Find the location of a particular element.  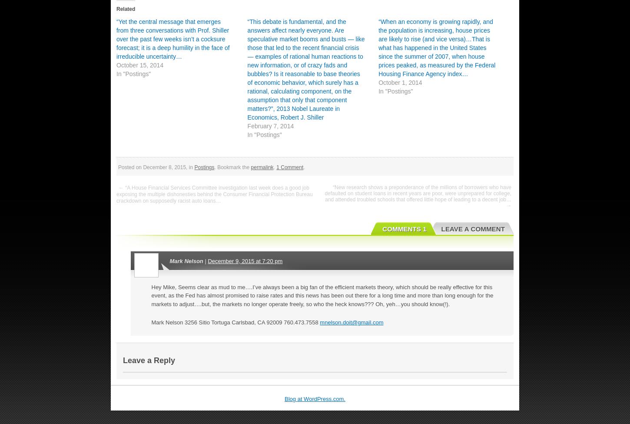

'December 9, 2015 at 7:20 pm' is located at coordinates (245, 260).